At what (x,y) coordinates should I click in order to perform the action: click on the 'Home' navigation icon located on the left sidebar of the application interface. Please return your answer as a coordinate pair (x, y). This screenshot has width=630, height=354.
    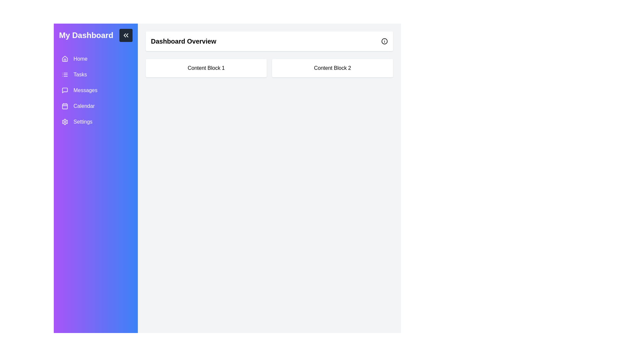
    Looking at the image, I should click on (65, 59).